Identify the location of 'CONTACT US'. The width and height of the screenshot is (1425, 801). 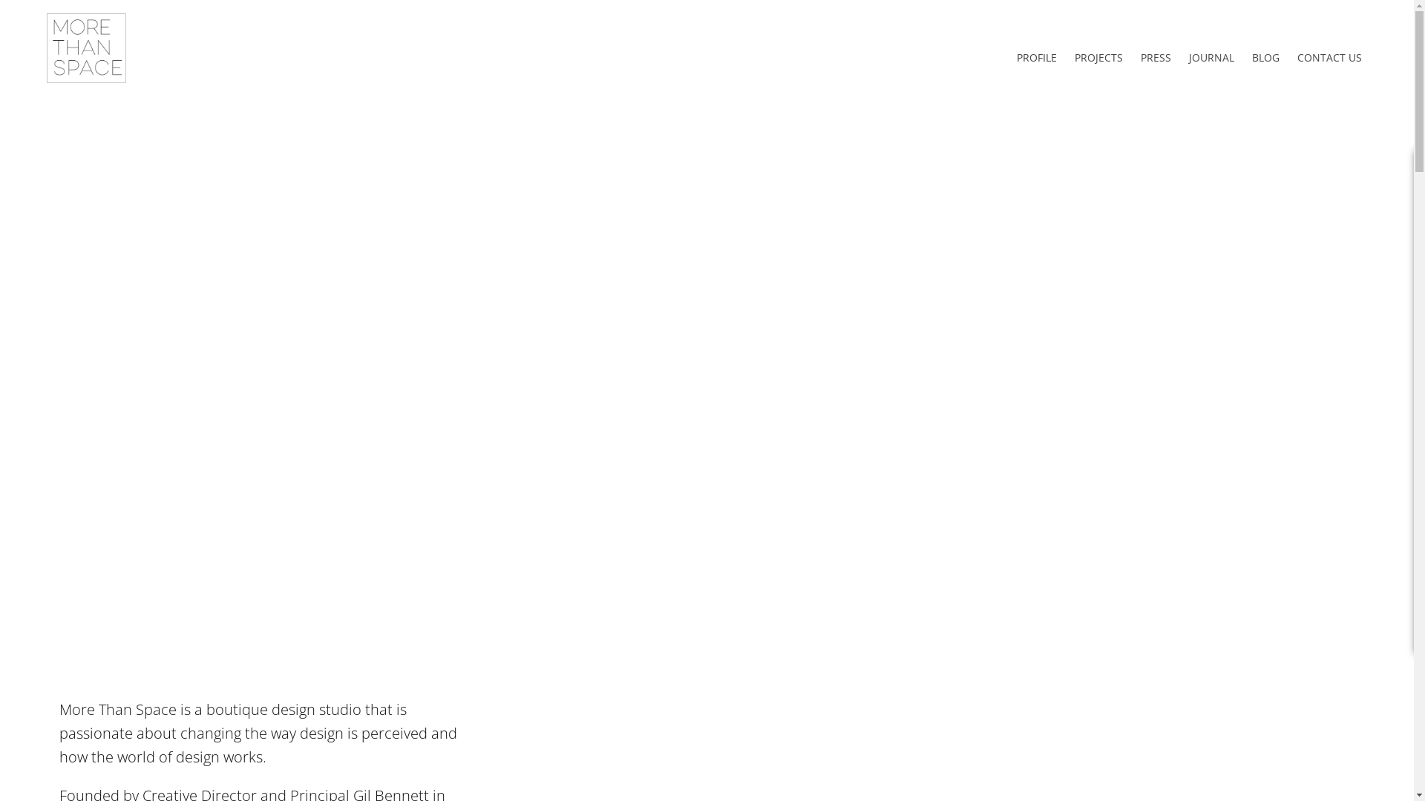
(1329, 56).